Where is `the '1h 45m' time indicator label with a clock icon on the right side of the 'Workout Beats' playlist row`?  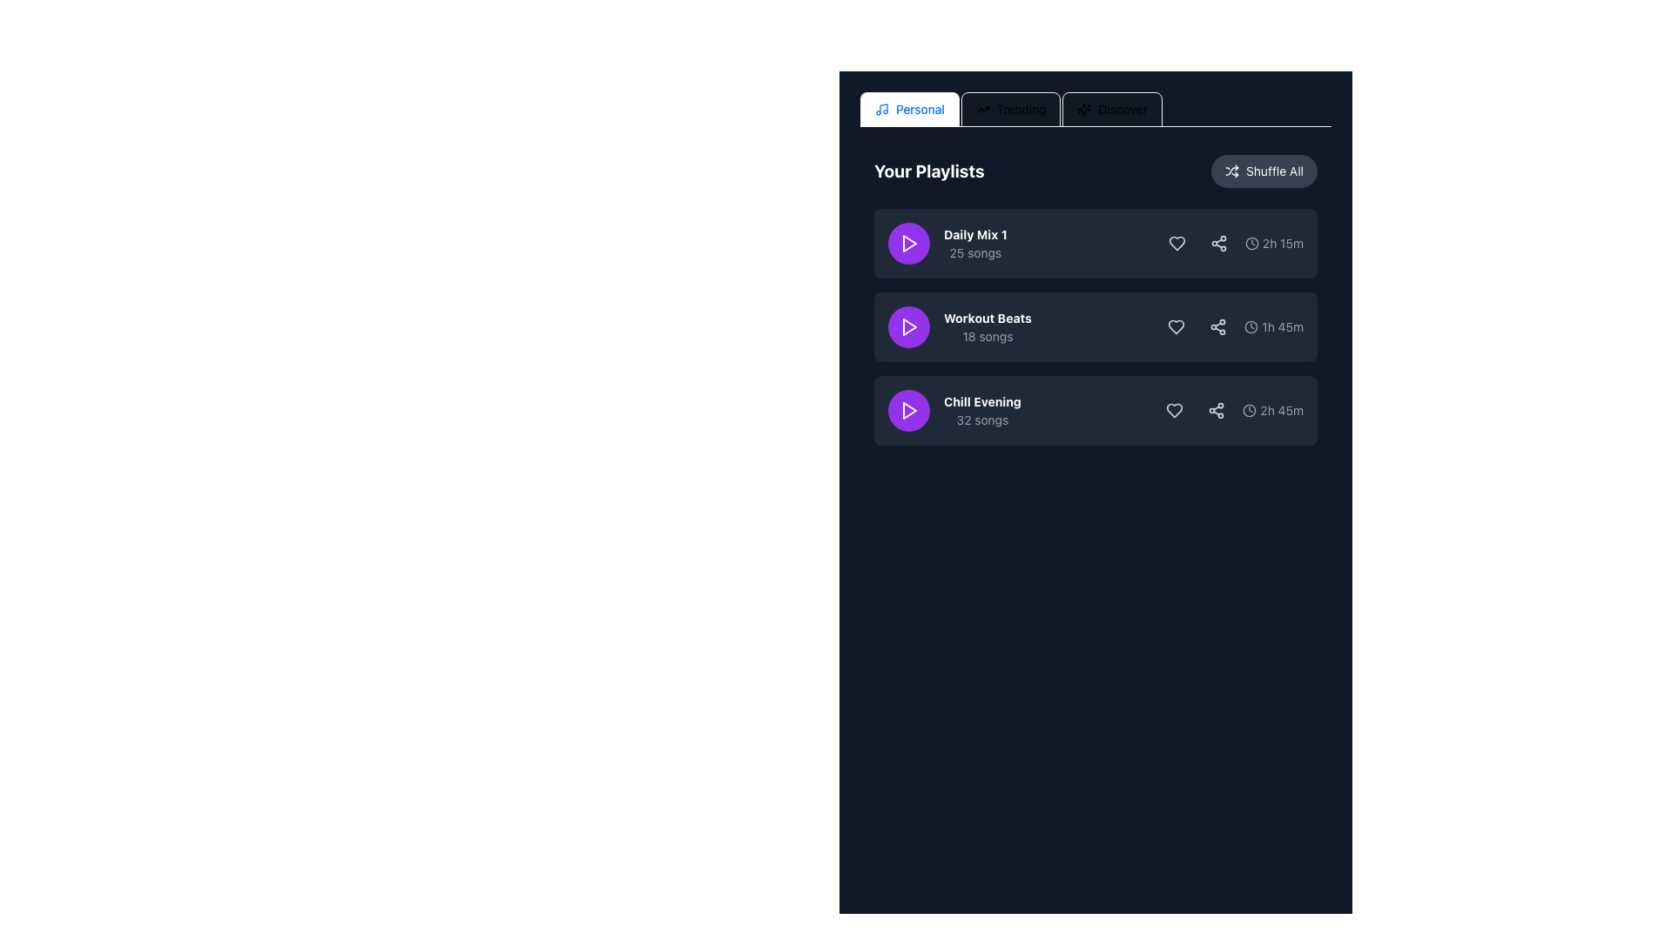
the '1h 45m' time indicator label with a clock icon on the right side of the 'Workout Beats' playlist row is located at coordinates (1274, 326).